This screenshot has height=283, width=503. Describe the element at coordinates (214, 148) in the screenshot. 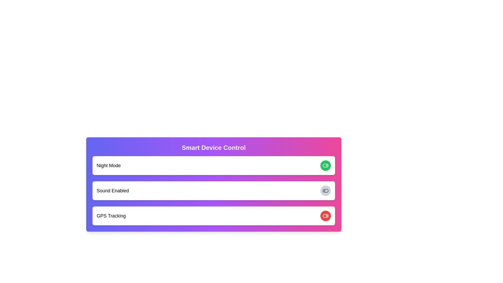

I see `the static text label 'Smart Device Control' which is styled with a bold font and is located at the top center of the gradient-colored header section` at that location.